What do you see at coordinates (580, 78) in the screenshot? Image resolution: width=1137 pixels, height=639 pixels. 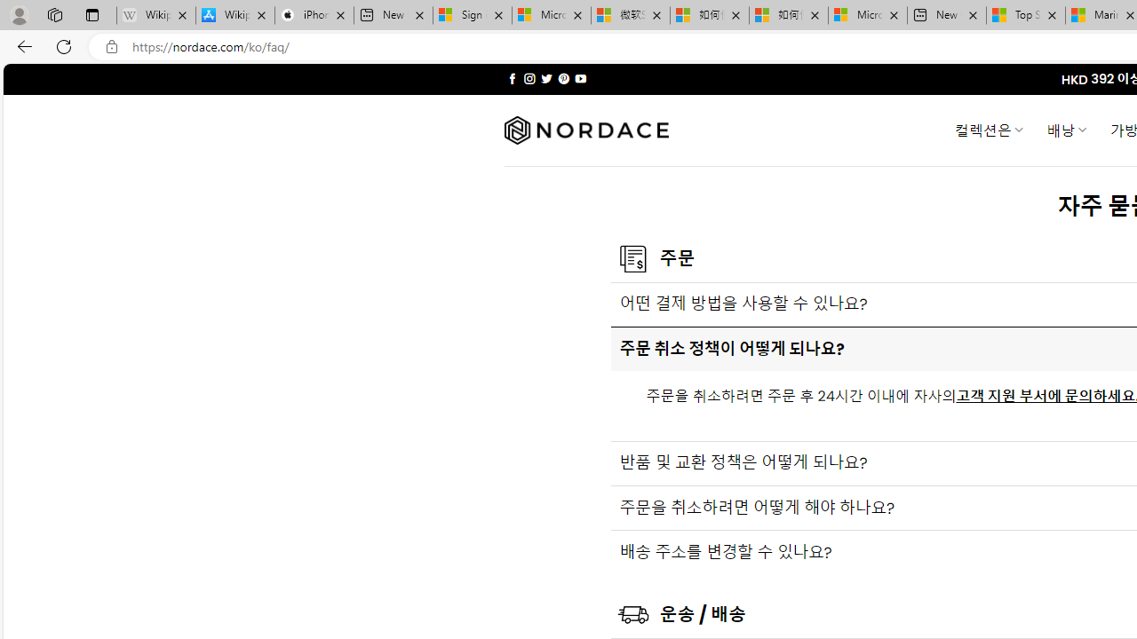 I see `'Follow on YouTube'` at bounding box center [580, 78].